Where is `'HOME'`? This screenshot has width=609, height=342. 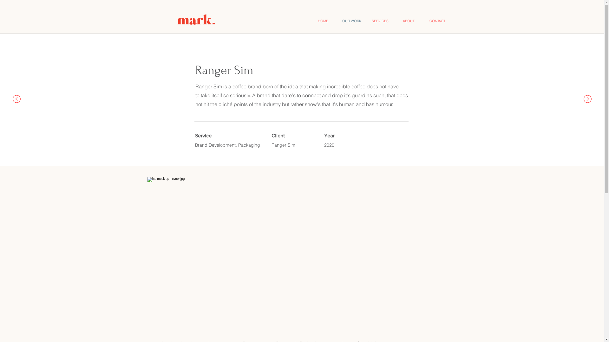 'HOME' is located at coordinates (323, 20).